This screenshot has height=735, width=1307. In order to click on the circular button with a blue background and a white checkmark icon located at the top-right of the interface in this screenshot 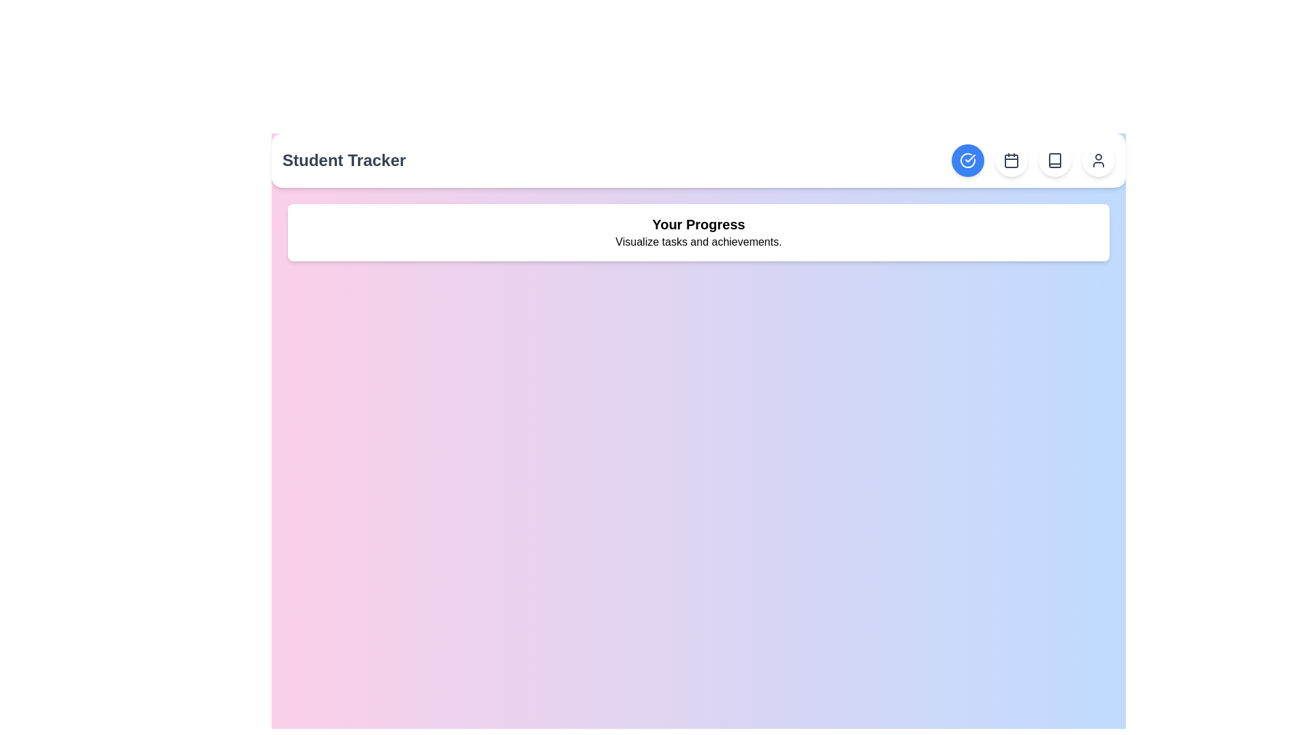, I will do `click(967, 159)`.